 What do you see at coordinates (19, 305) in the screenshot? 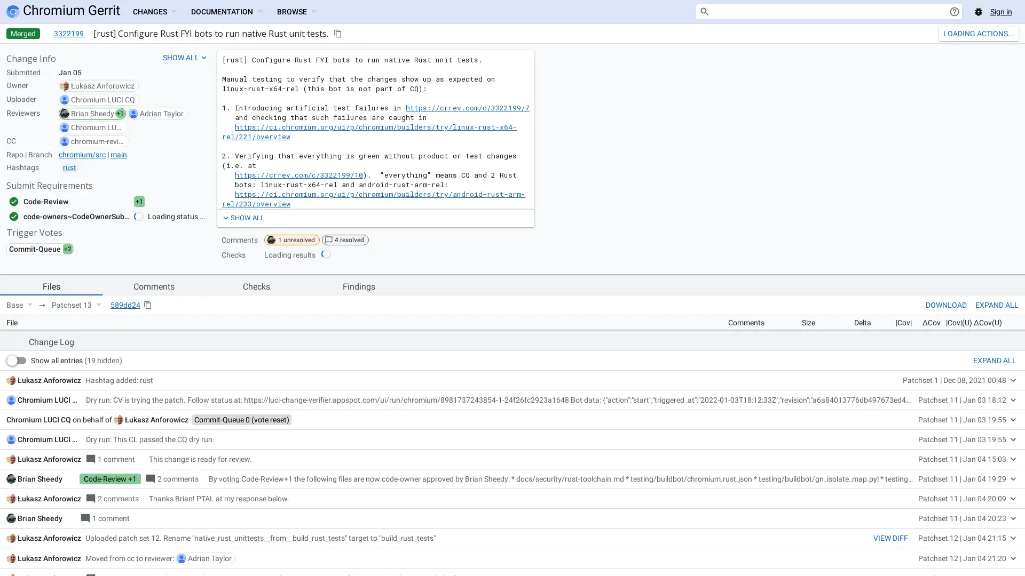
I see `Base` at bounding box center [19, 305].